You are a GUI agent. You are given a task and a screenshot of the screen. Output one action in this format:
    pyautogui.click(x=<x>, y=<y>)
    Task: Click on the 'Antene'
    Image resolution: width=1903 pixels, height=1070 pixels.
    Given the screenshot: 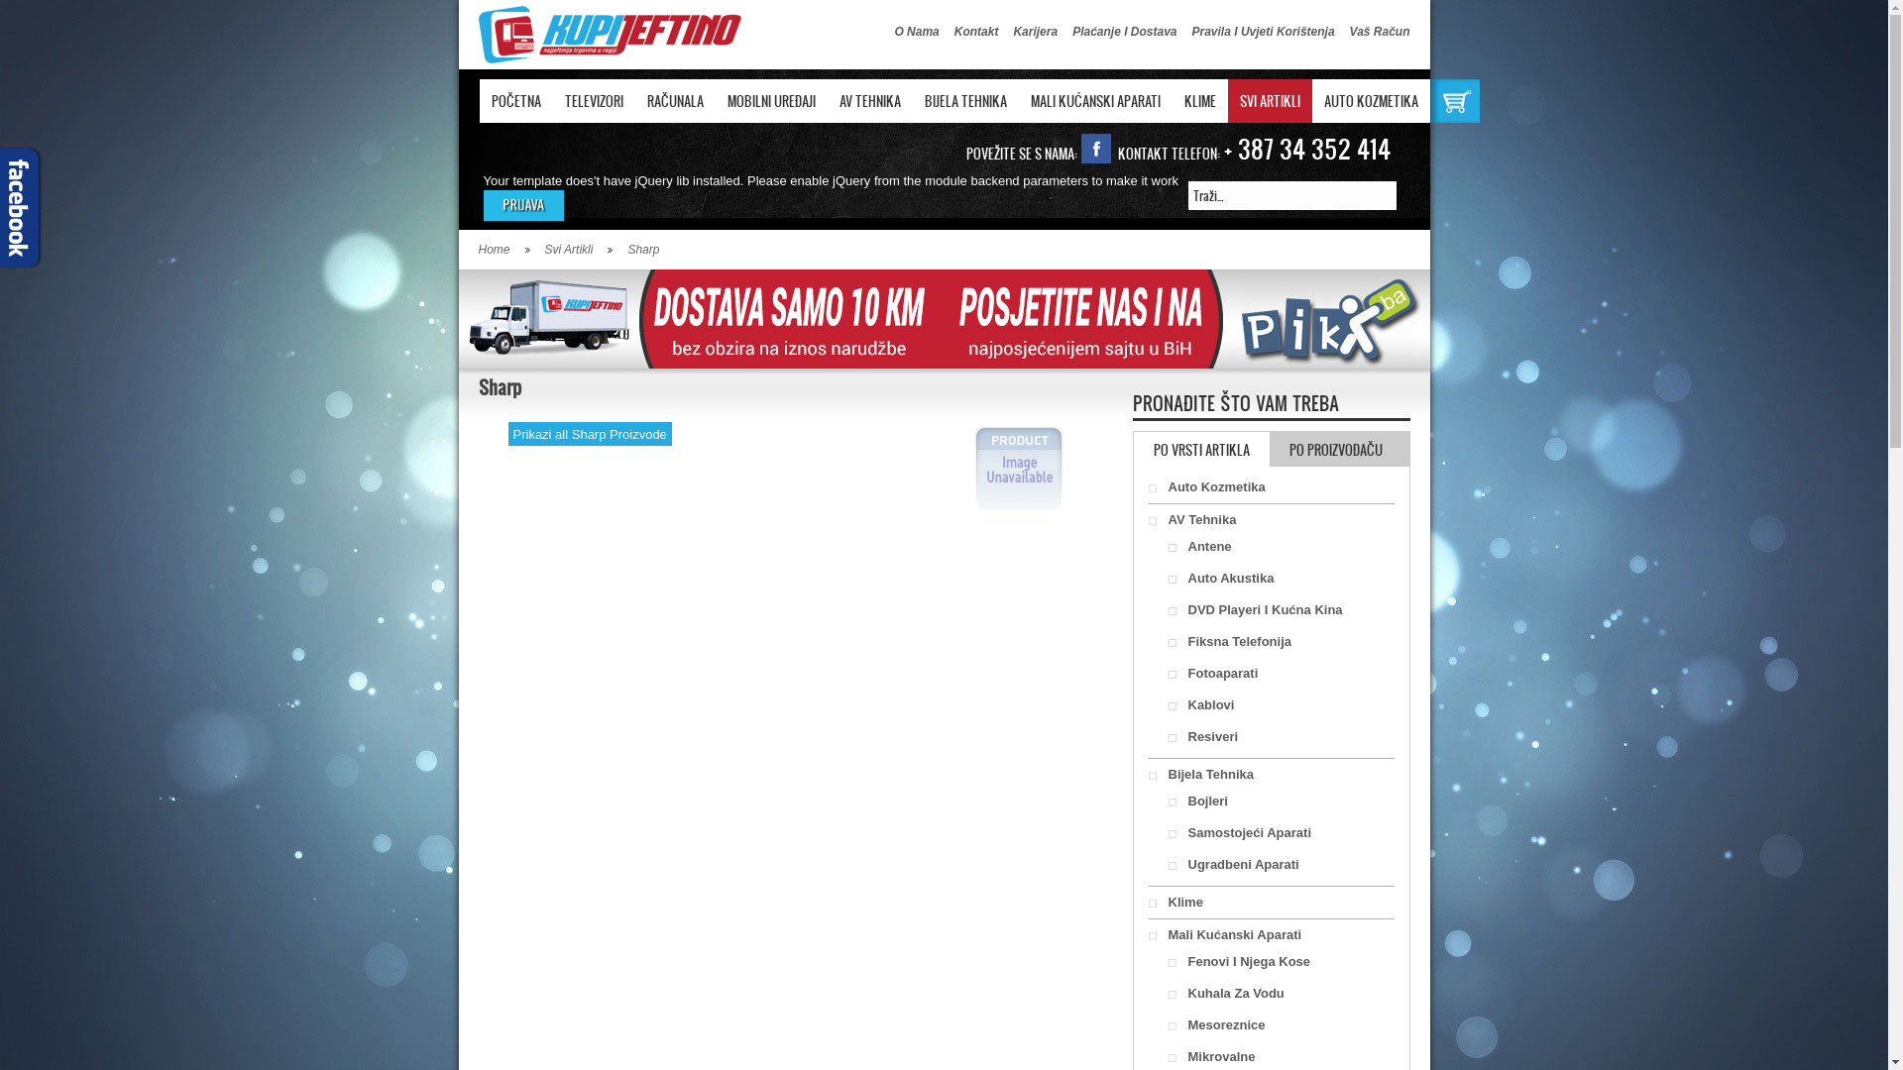 What is the action you would take?
    pyautogui.click(x=1280, y=546)
    